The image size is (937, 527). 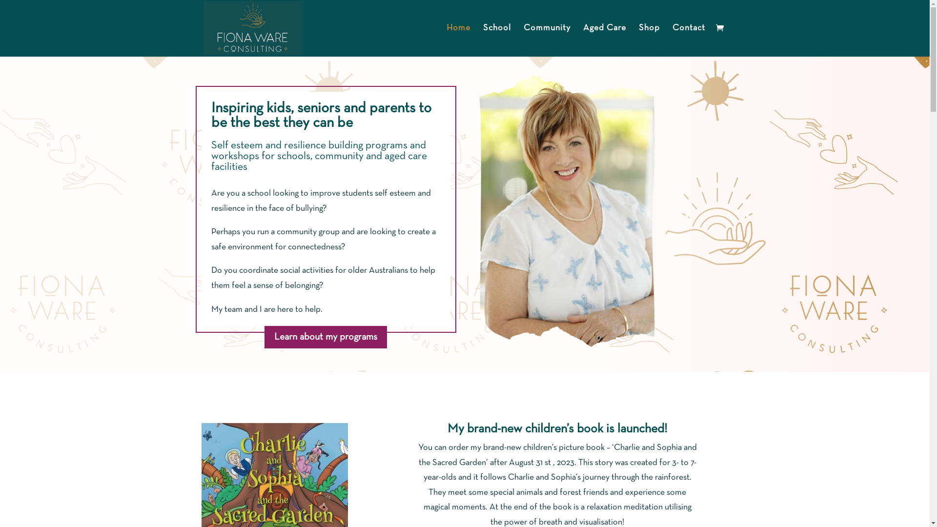 I want to click on 'Aged Care', so click(x=604, y=40).